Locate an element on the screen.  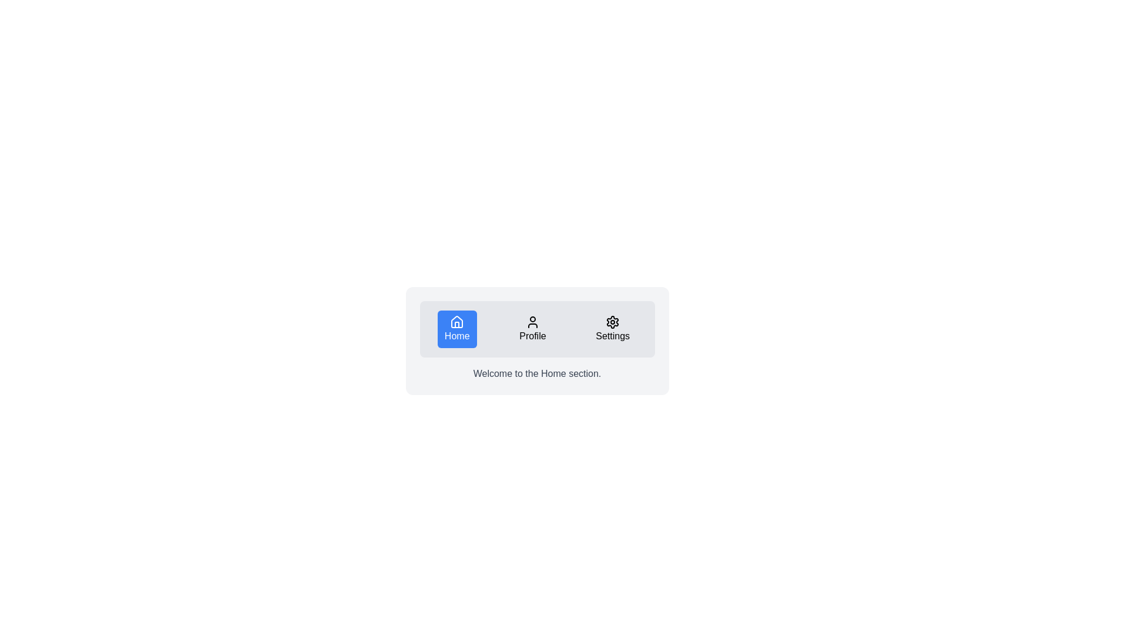
the 'Home' icon which represents the navigation to the Home section, located as the first button in a horizontal arrangement of three buttons is located at coordinates (456, 322).